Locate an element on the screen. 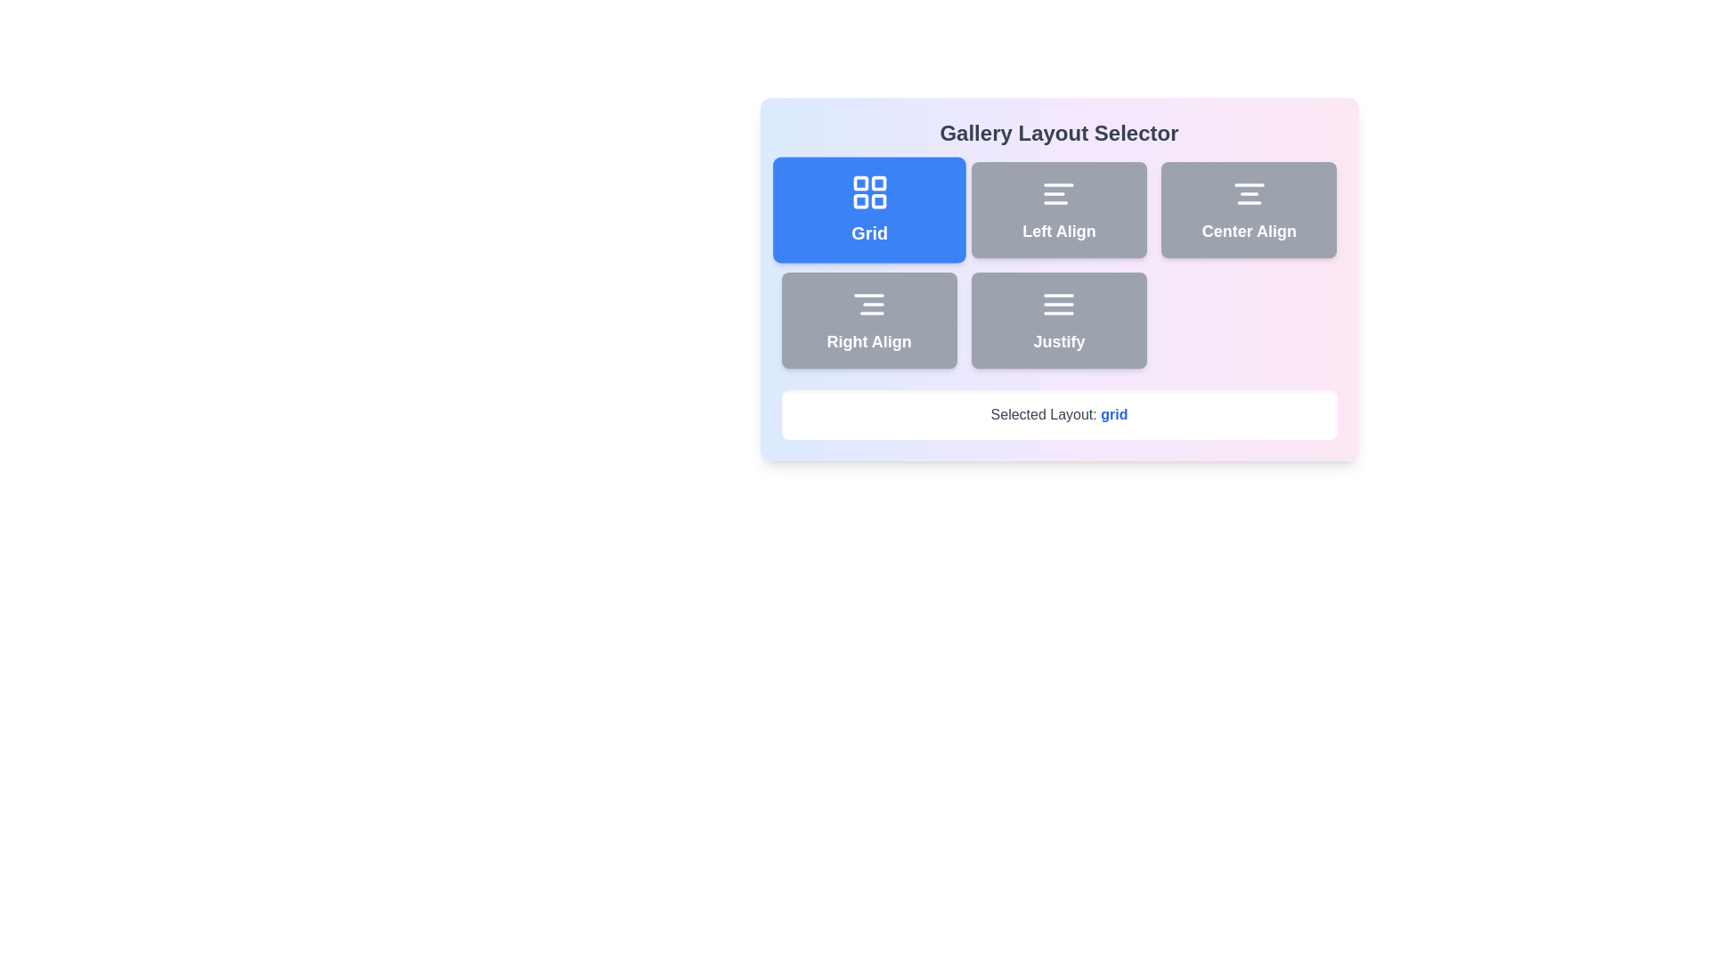 Image resolution: width=1710 pixels, height=962 pixels. the 'Justify' button, which contains an icon of three horizontal lines stacked with equal spacing is located at coordinates (1059, 304).